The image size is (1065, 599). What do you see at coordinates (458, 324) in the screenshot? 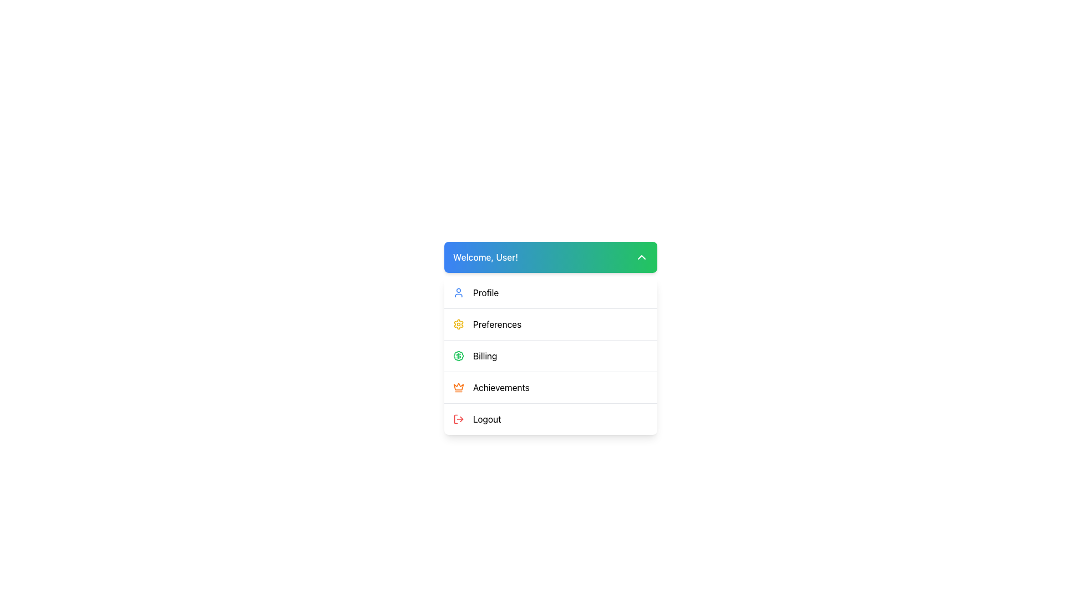
I see `the Preferences icon in the dropdown menu, which is the second option in a list of five and is located to the left of the Preferences text label` at bounding box center [458, 324].